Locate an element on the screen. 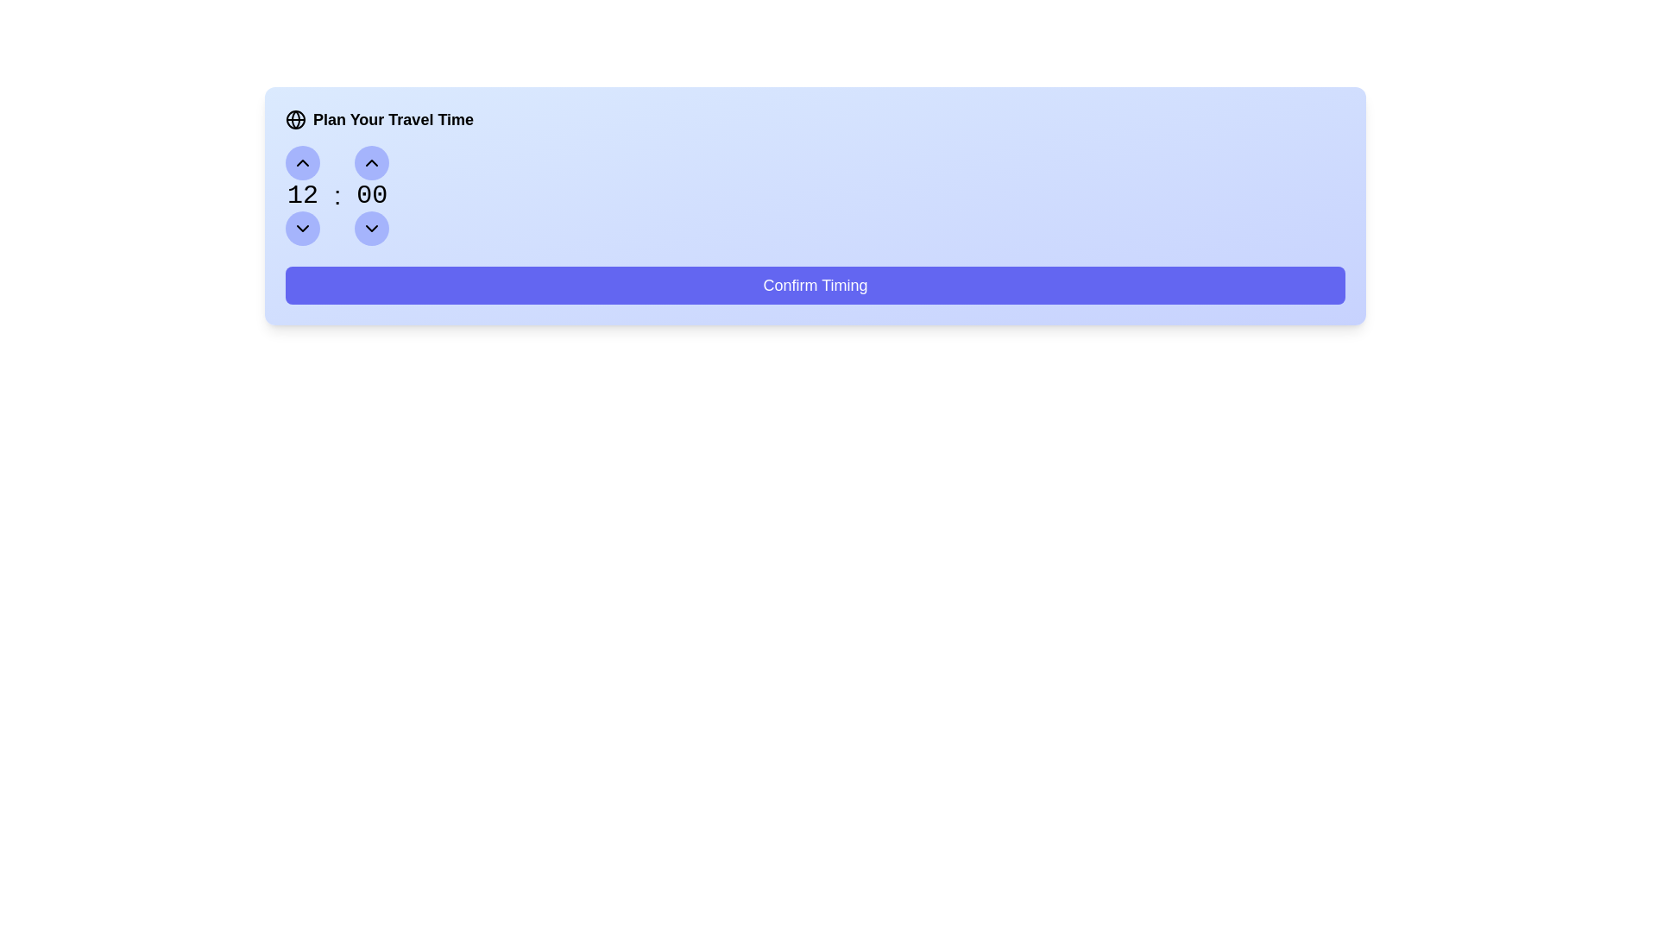 This screenshot has width=1657, height=932. the text display field that shows the hour selection '12' in the time picker component, positioned between the upward chevron and downward chevron buttons is located at coordinates (302, 195).